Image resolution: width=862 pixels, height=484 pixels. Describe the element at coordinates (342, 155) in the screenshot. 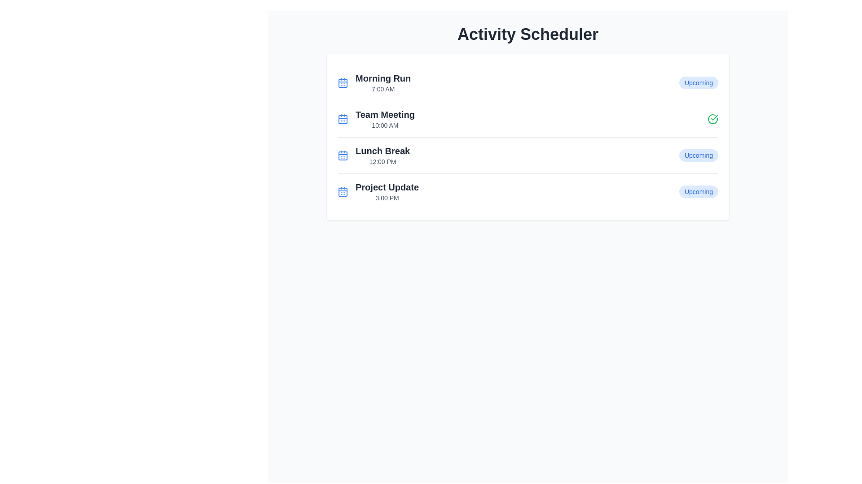

I see `the calendar-style icon with a blue outline located to the left of the 'Lunch Break' activity for visual context` at that location.